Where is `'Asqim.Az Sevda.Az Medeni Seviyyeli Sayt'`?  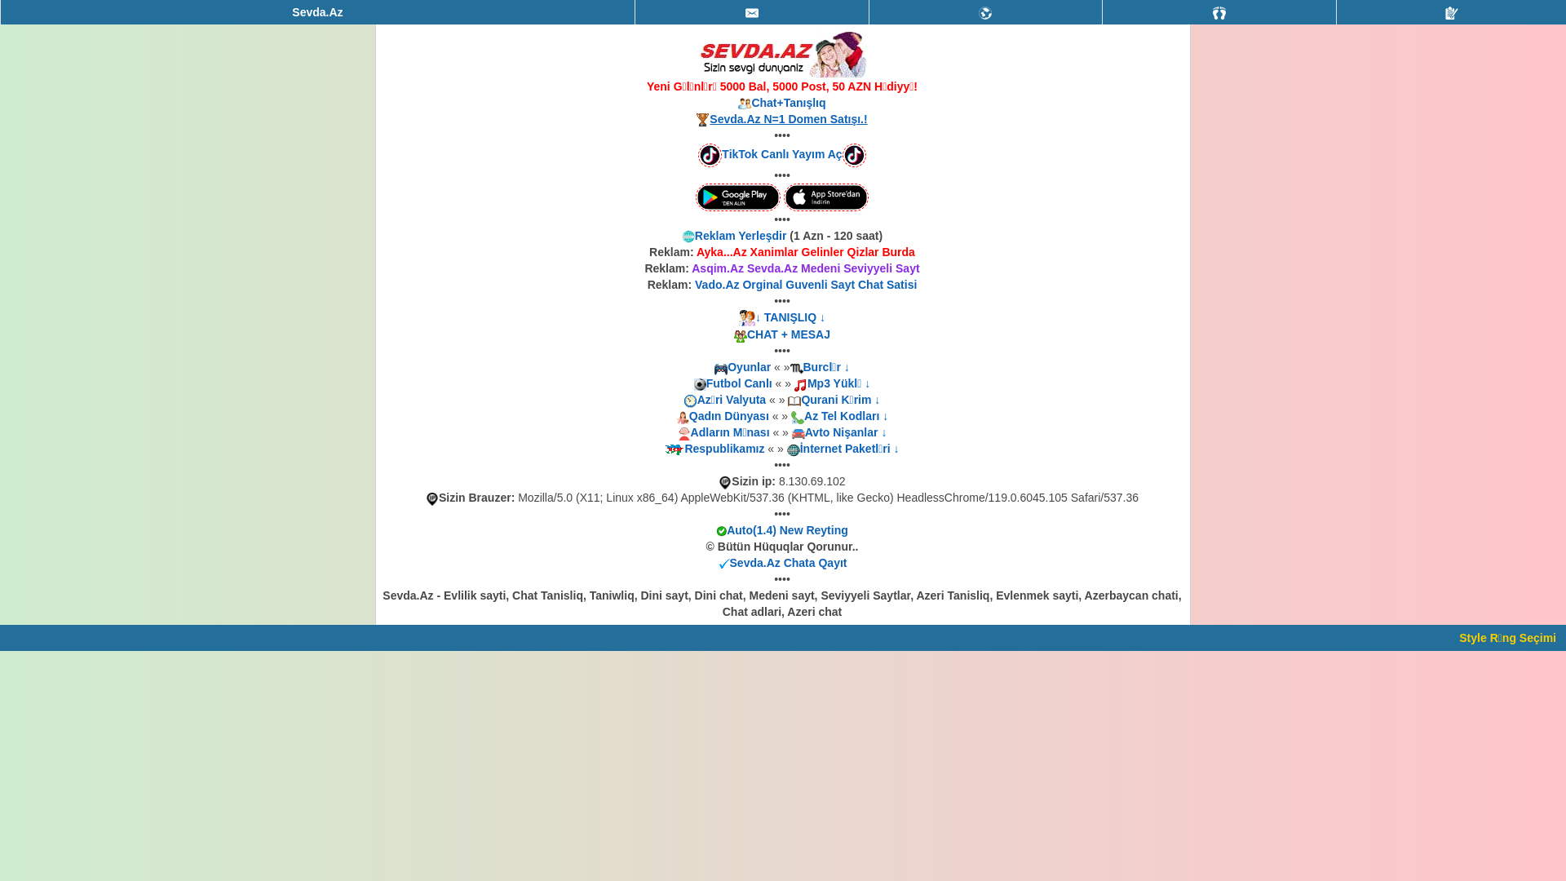 'Asqim.Az Sevda.Az Medeni Seviyyeli Sayt' is located at coordinates (805, 267).